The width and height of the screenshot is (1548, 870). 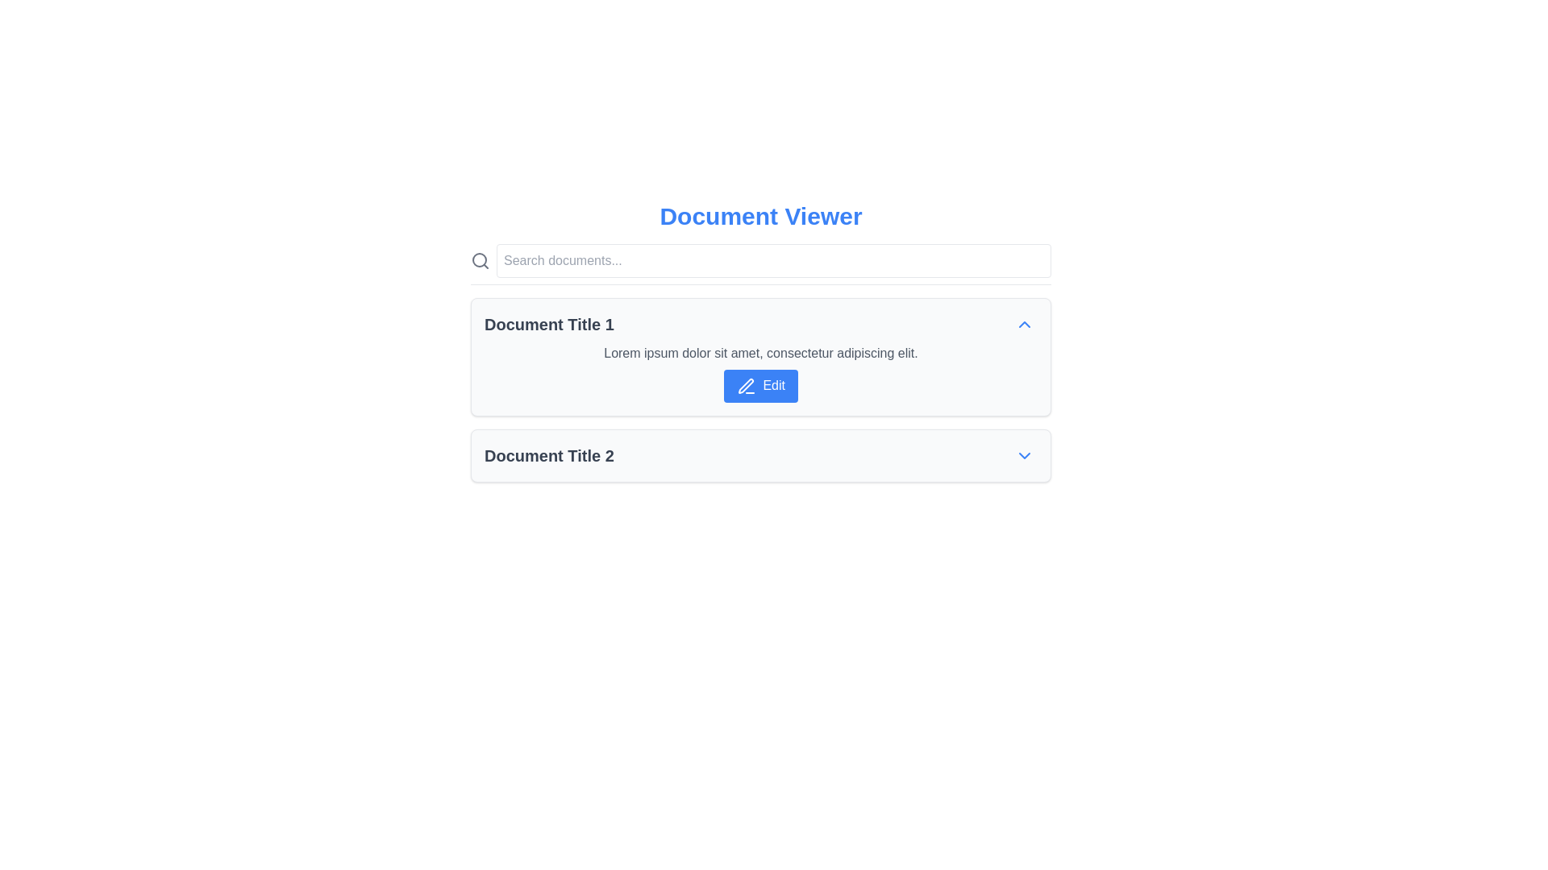 I want to click on the gray search icon resembling a magnifying glass located to the left of the search bar with the placeholder 'Search documents...', so click(x=479, y=260).